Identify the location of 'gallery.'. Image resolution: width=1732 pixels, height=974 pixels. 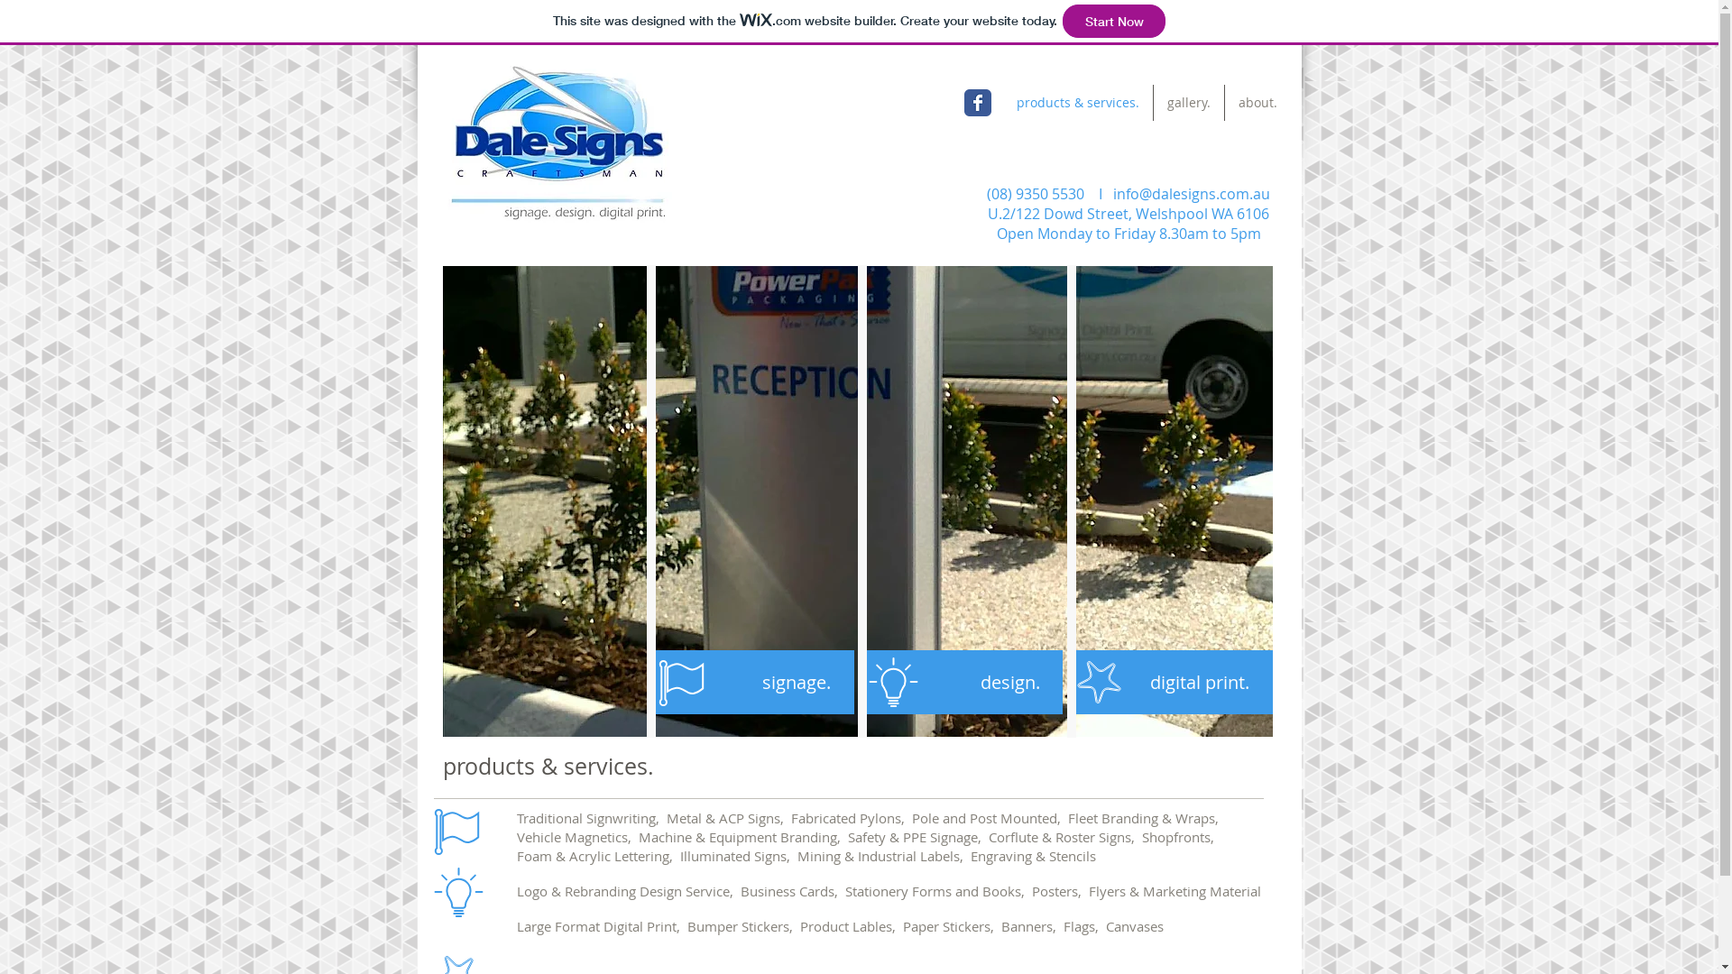
(1189, 103).